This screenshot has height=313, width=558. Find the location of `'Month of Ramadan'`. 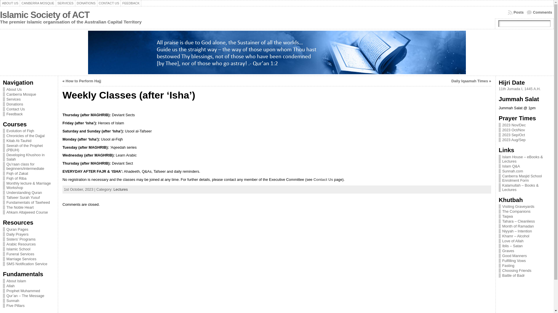

'Month of Ramadan' is located at coordinates (518, 226).